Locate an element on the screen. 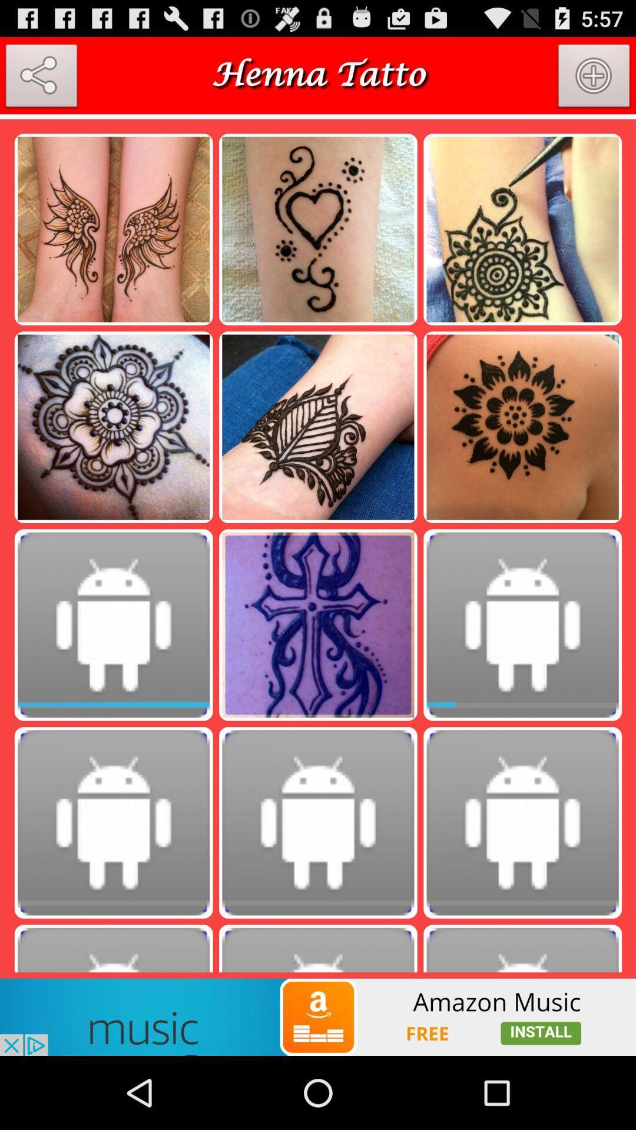 The height and width of the screenshot is (1130, 636). photo is located at coordinates (594, 78).